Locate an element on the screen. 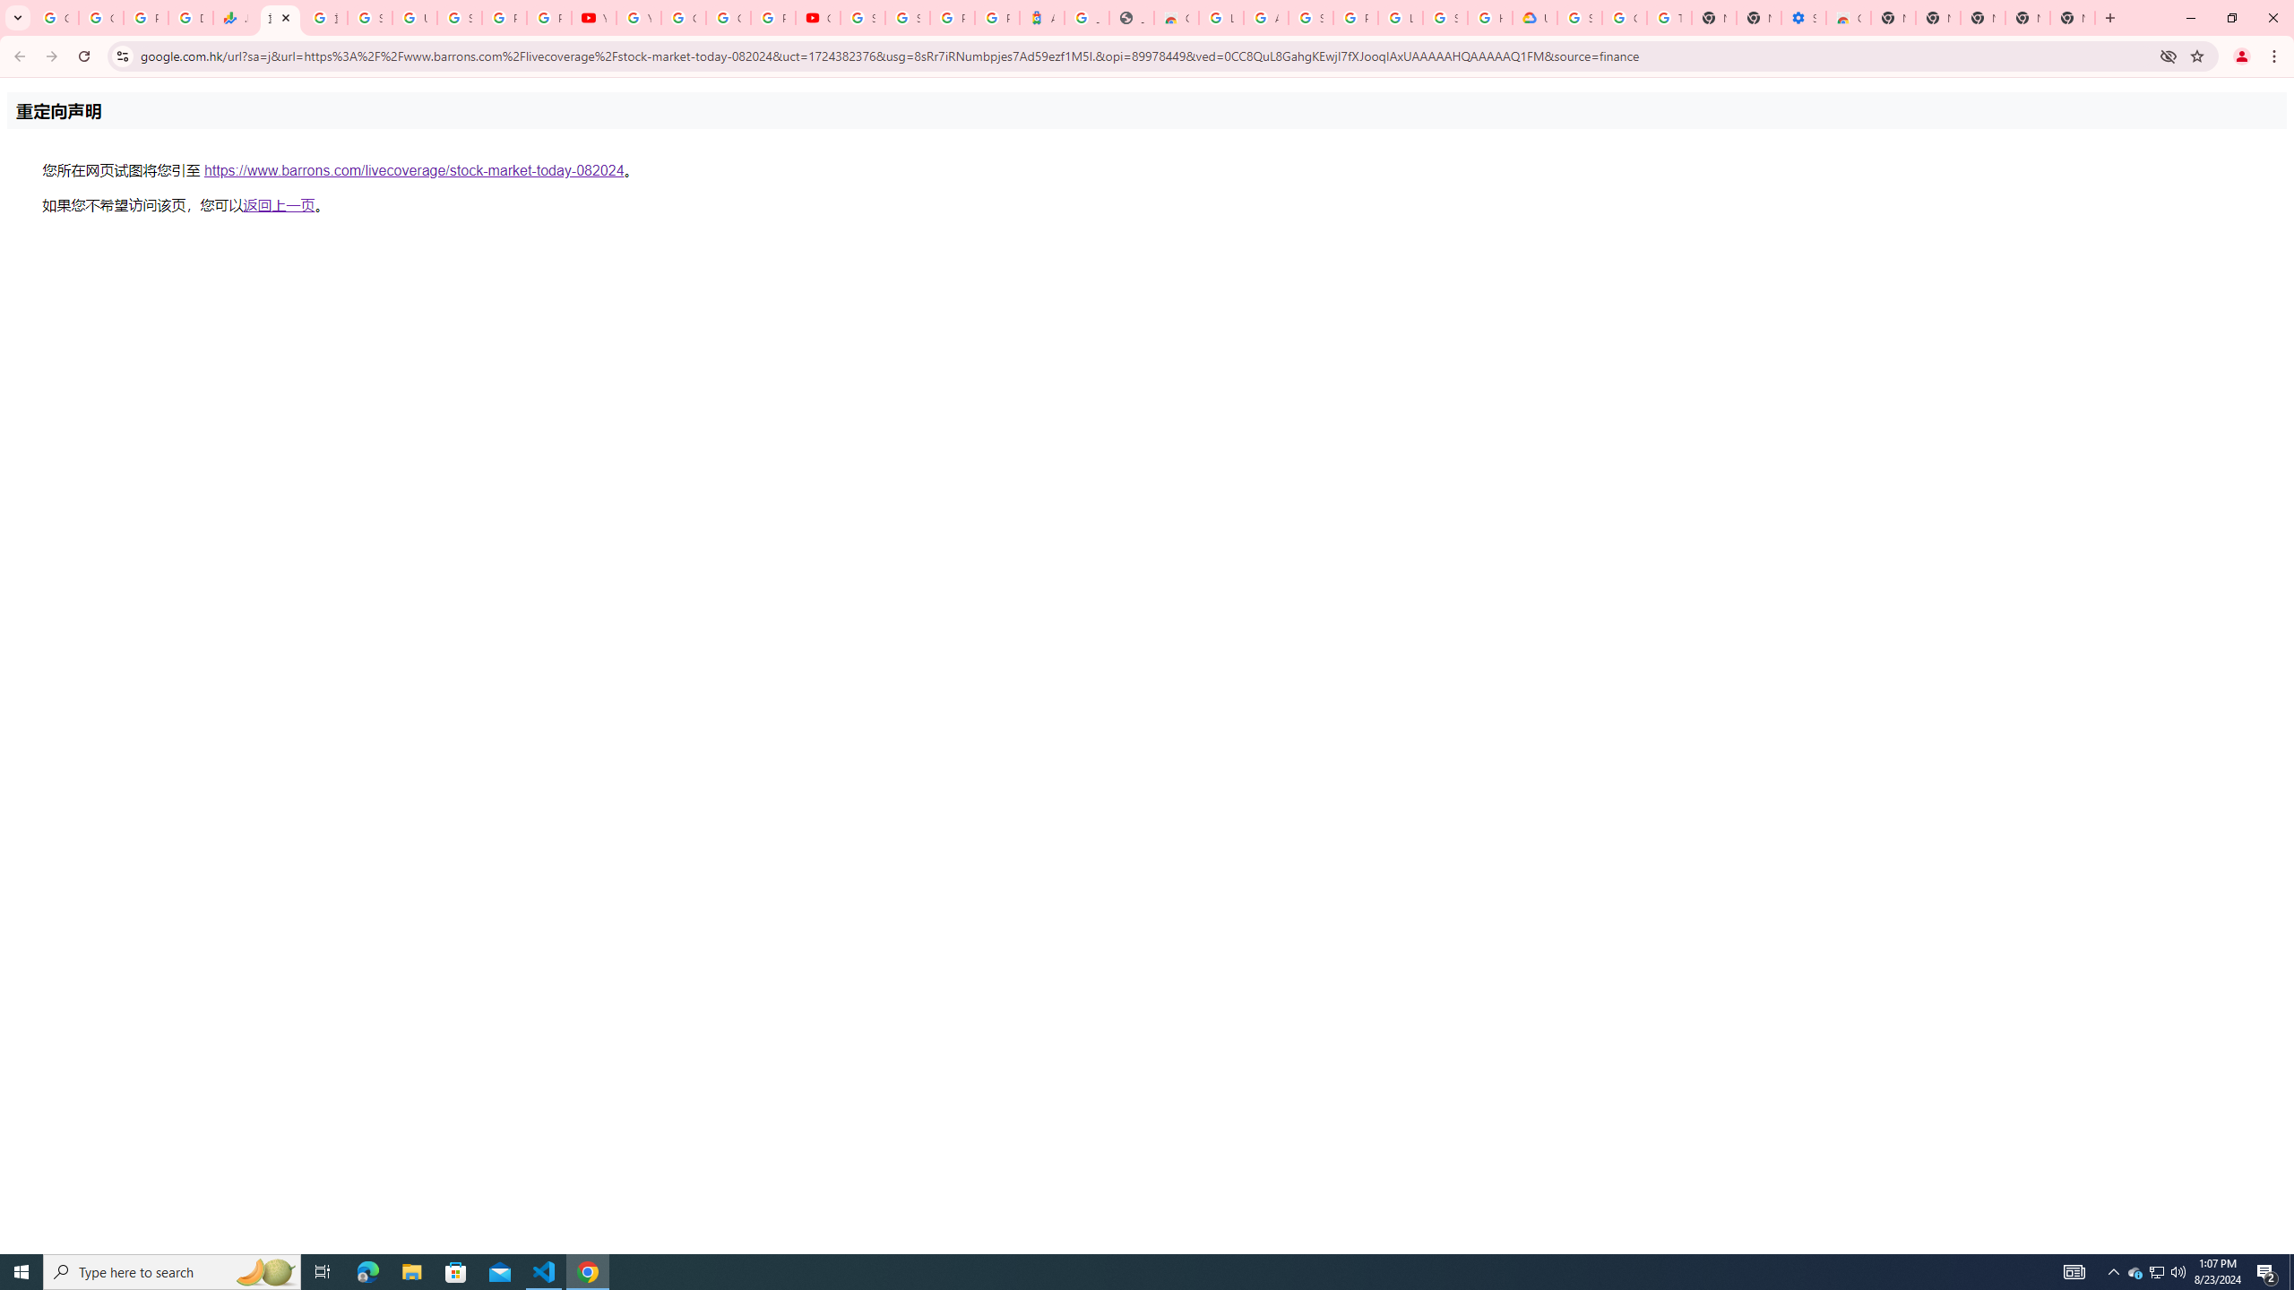 The height and width of the screenshot is (1290, 2294). 'Chrome Web Store - Accessibility extensions' is located at coordinates (1848, 17).